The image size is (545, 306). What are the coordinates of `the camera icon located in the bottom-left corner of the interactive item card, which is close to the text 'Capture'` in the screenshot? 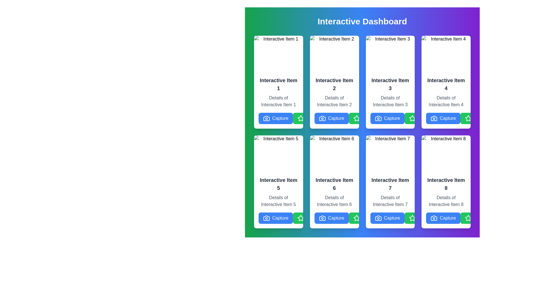 It's located at (266, 118).